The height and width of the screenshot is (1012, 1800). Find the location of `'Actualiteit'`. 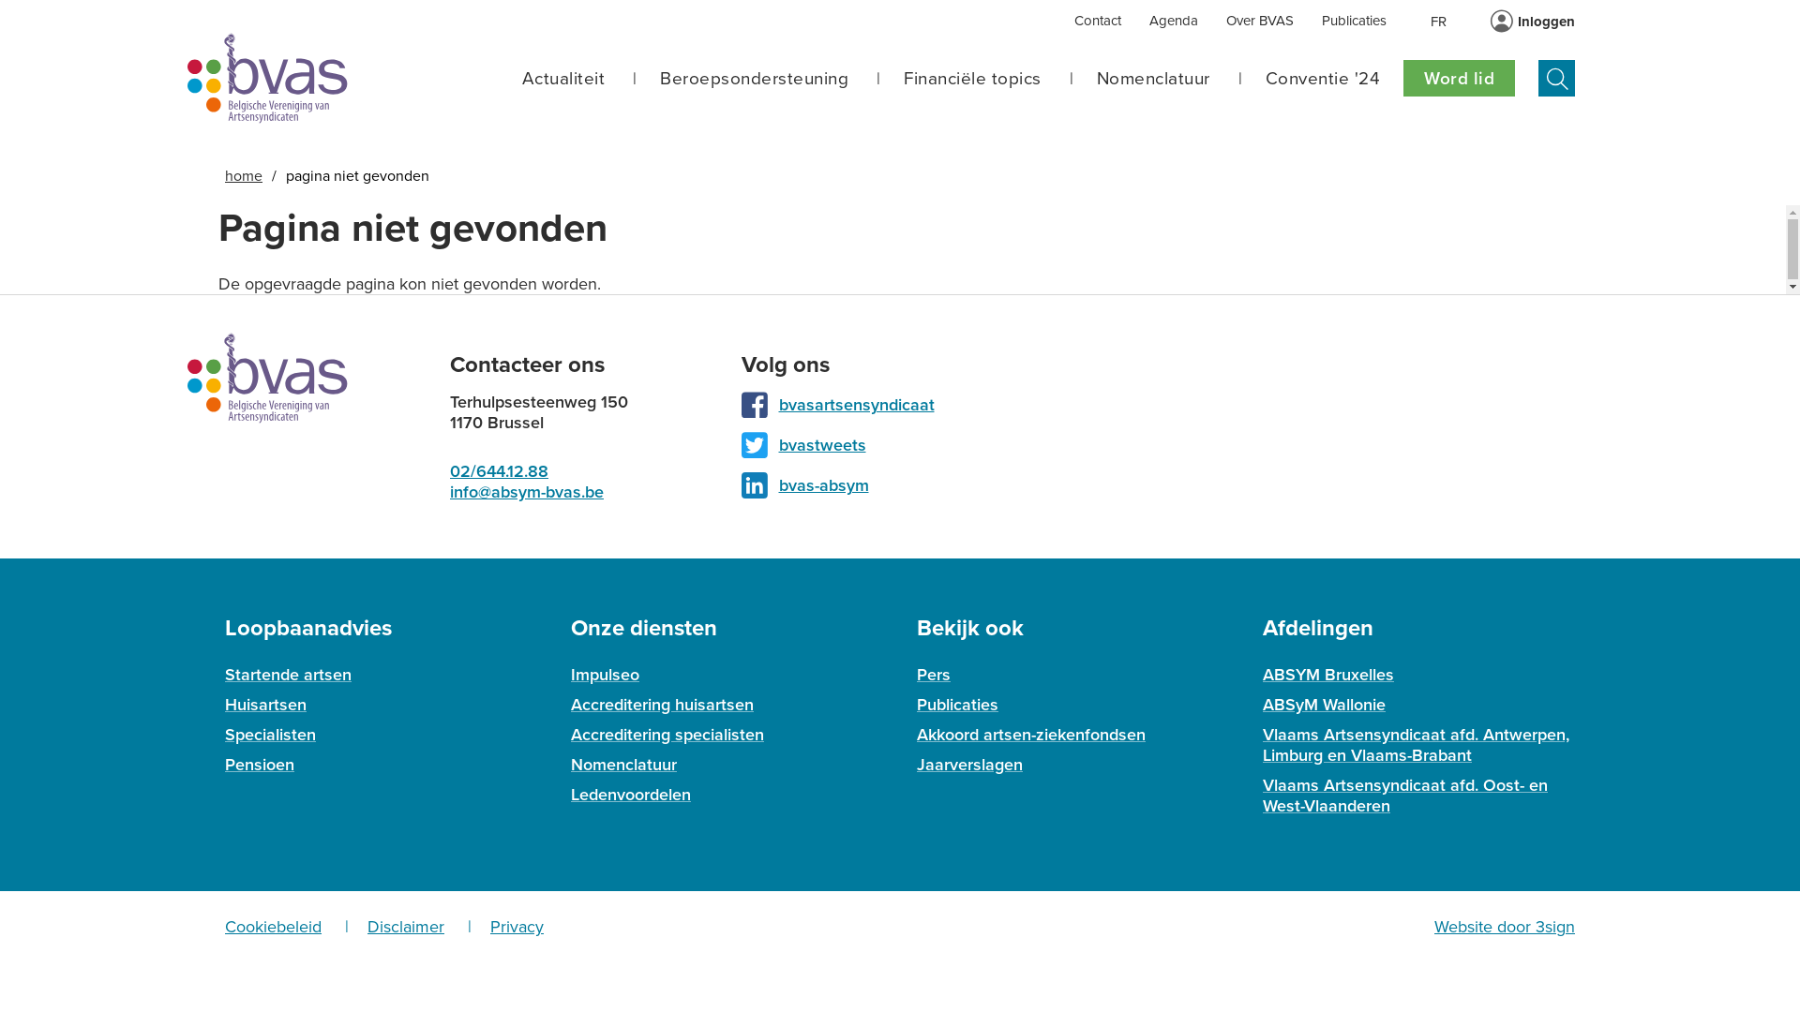

'Actualiteit' is located at coordinates (562, 78).